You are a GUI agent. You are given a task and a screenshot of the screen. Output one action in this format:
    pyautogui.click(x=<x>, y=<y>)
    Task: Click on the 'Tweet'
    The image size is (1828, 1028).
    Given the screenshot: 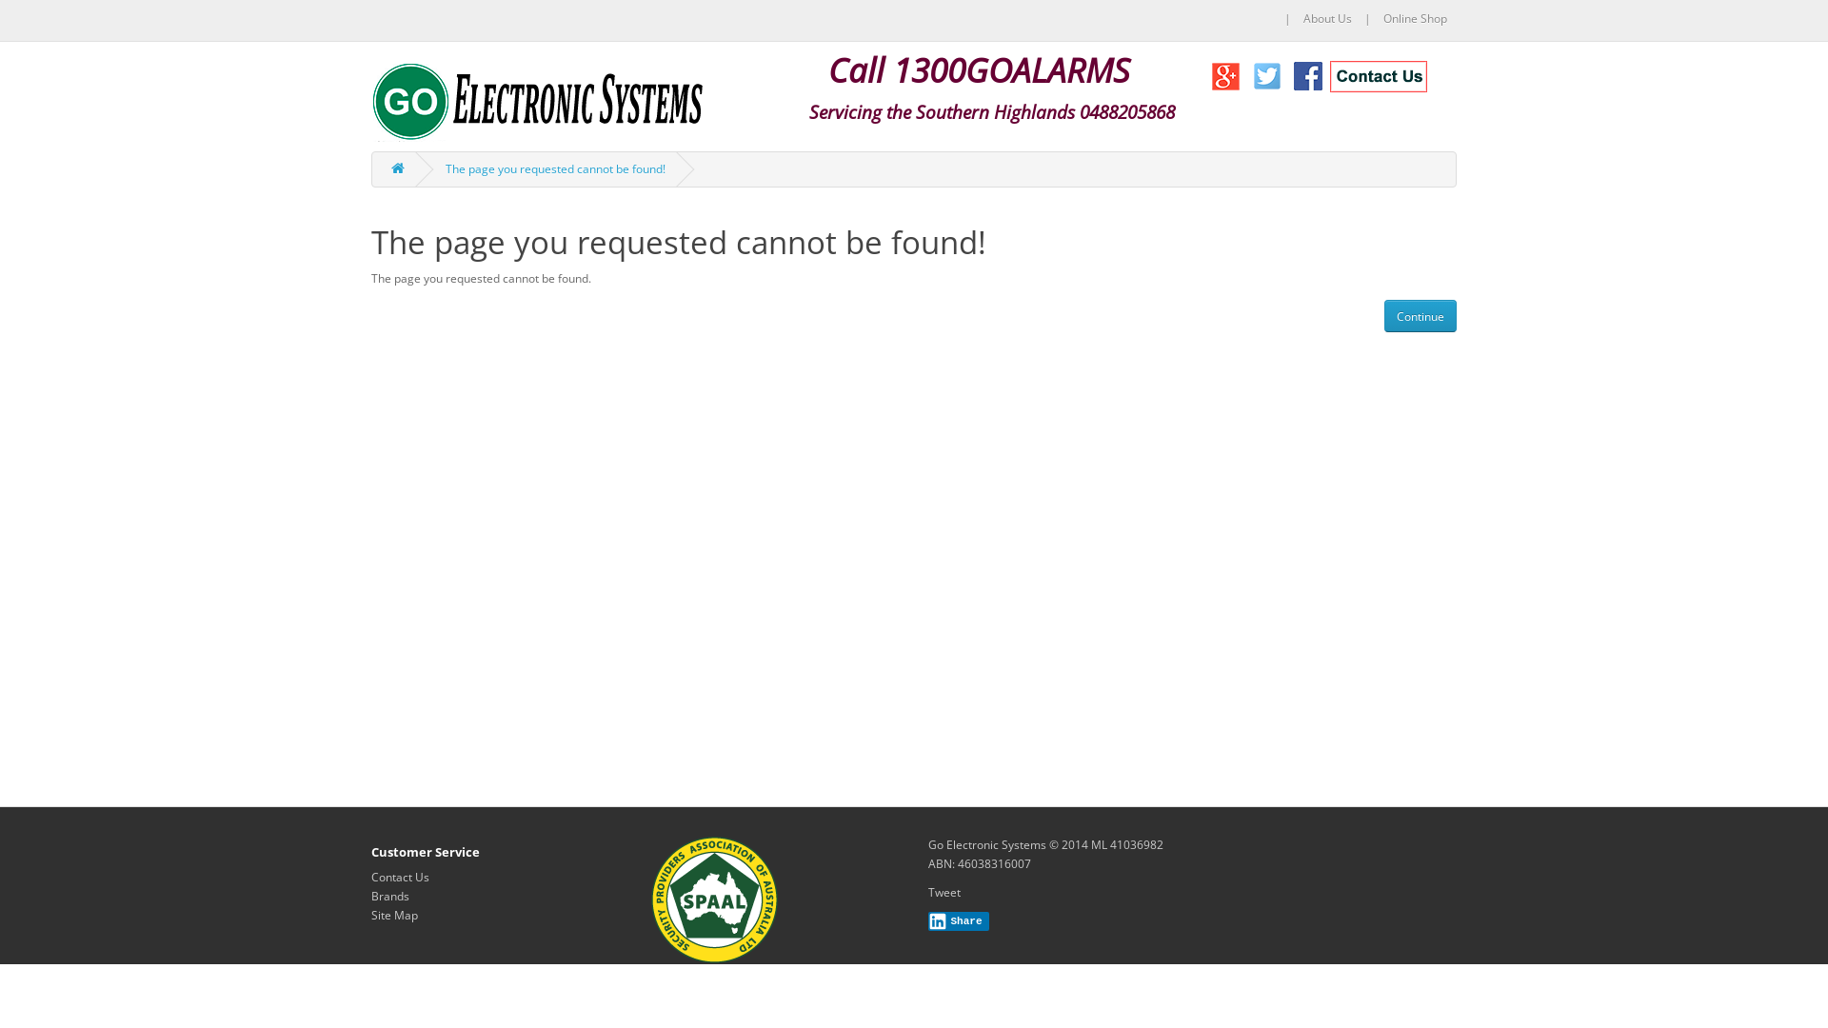 What is the action you would take?
    pyautogui.click(x=944, y=892)
    